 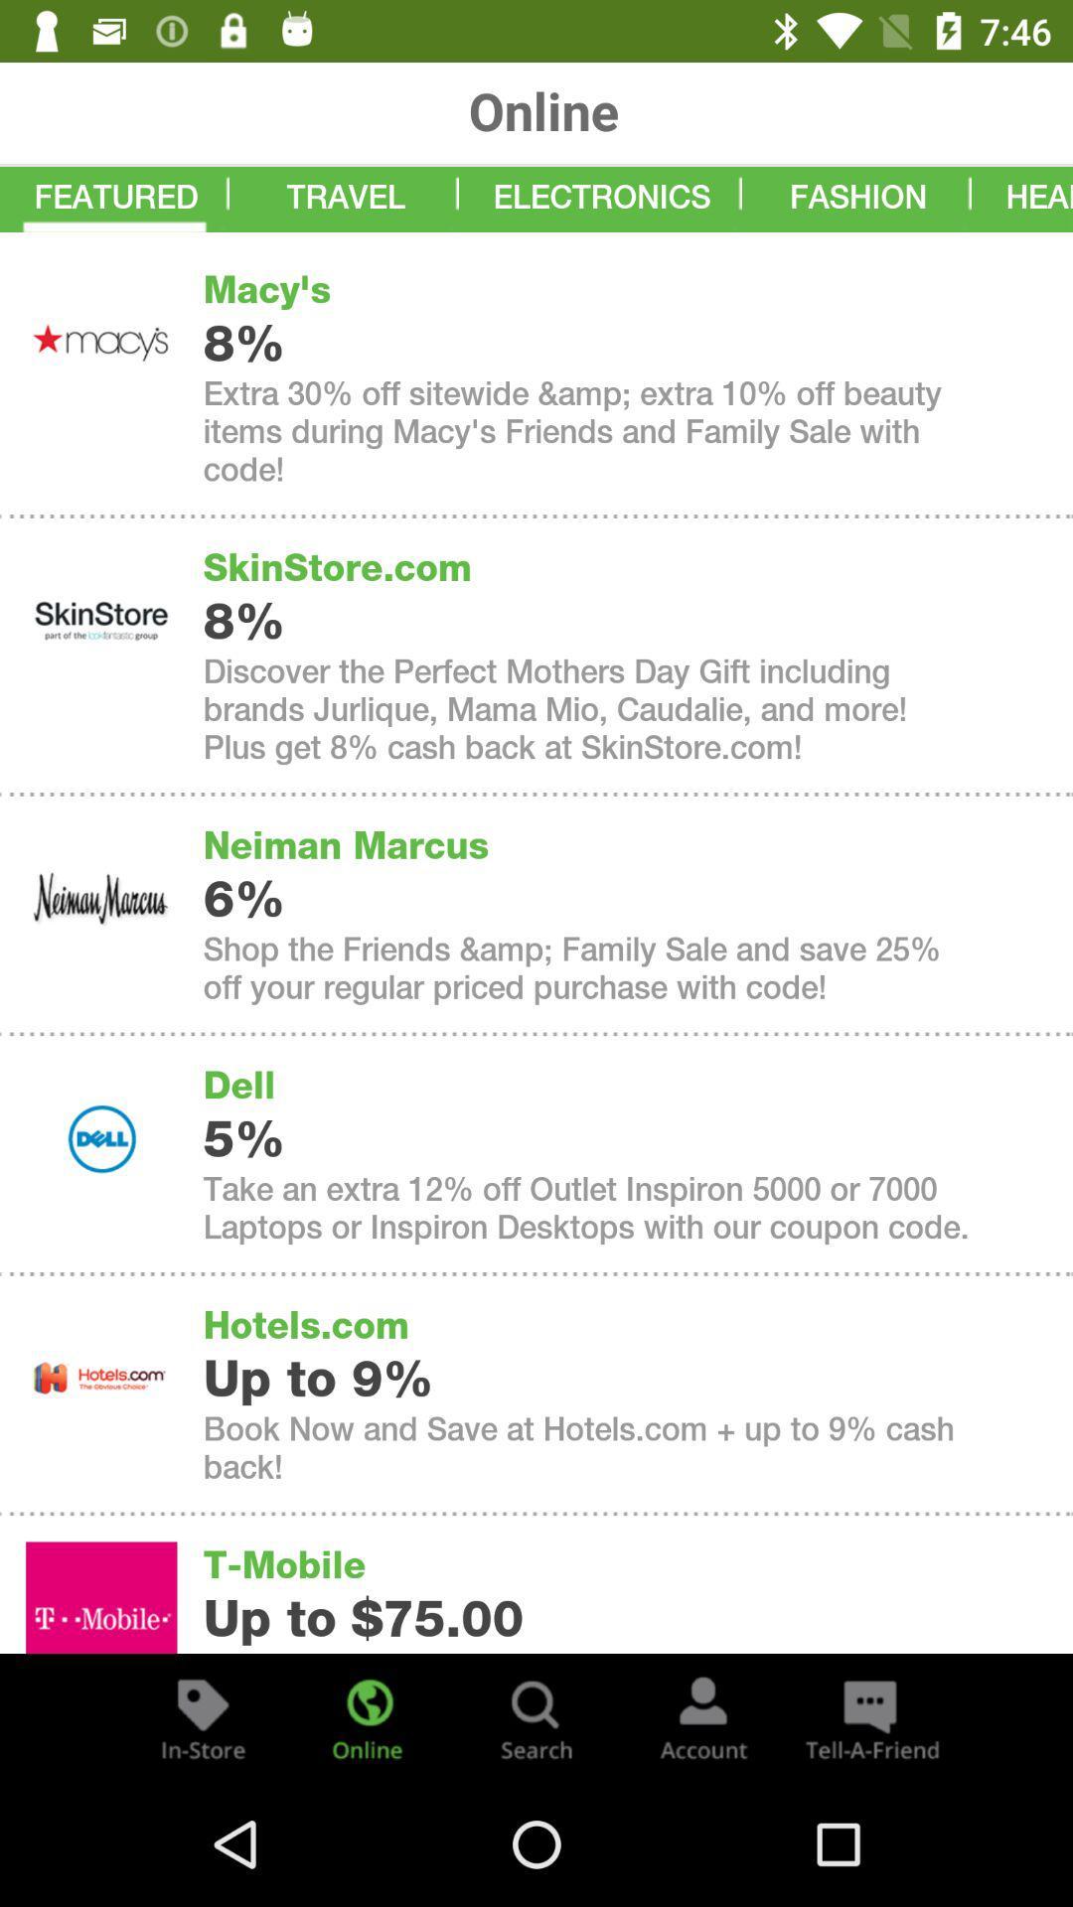 What do you see at coordinates (868, 1716) in the screenshot?
I see `the chat icon` at bounding box center [868, 1716].